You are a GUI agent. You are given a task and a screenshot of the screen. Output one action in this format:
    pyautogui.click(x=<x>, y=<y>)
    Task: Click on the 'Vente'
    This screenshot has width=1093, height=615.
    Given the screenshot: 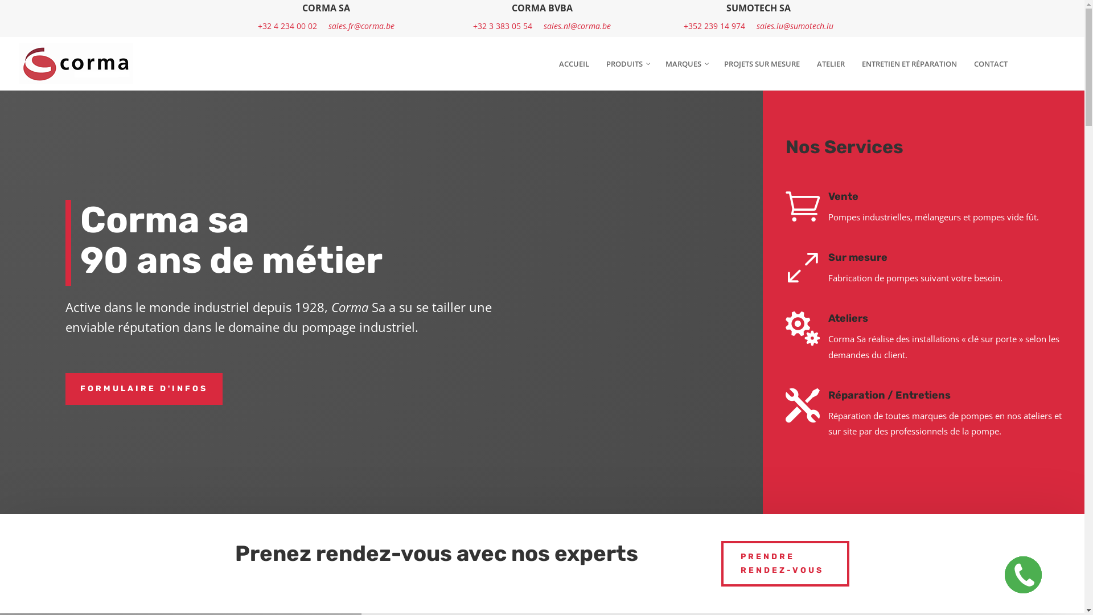 What is the action you would take?
    pyautogui.click(x=843, y=195)
    